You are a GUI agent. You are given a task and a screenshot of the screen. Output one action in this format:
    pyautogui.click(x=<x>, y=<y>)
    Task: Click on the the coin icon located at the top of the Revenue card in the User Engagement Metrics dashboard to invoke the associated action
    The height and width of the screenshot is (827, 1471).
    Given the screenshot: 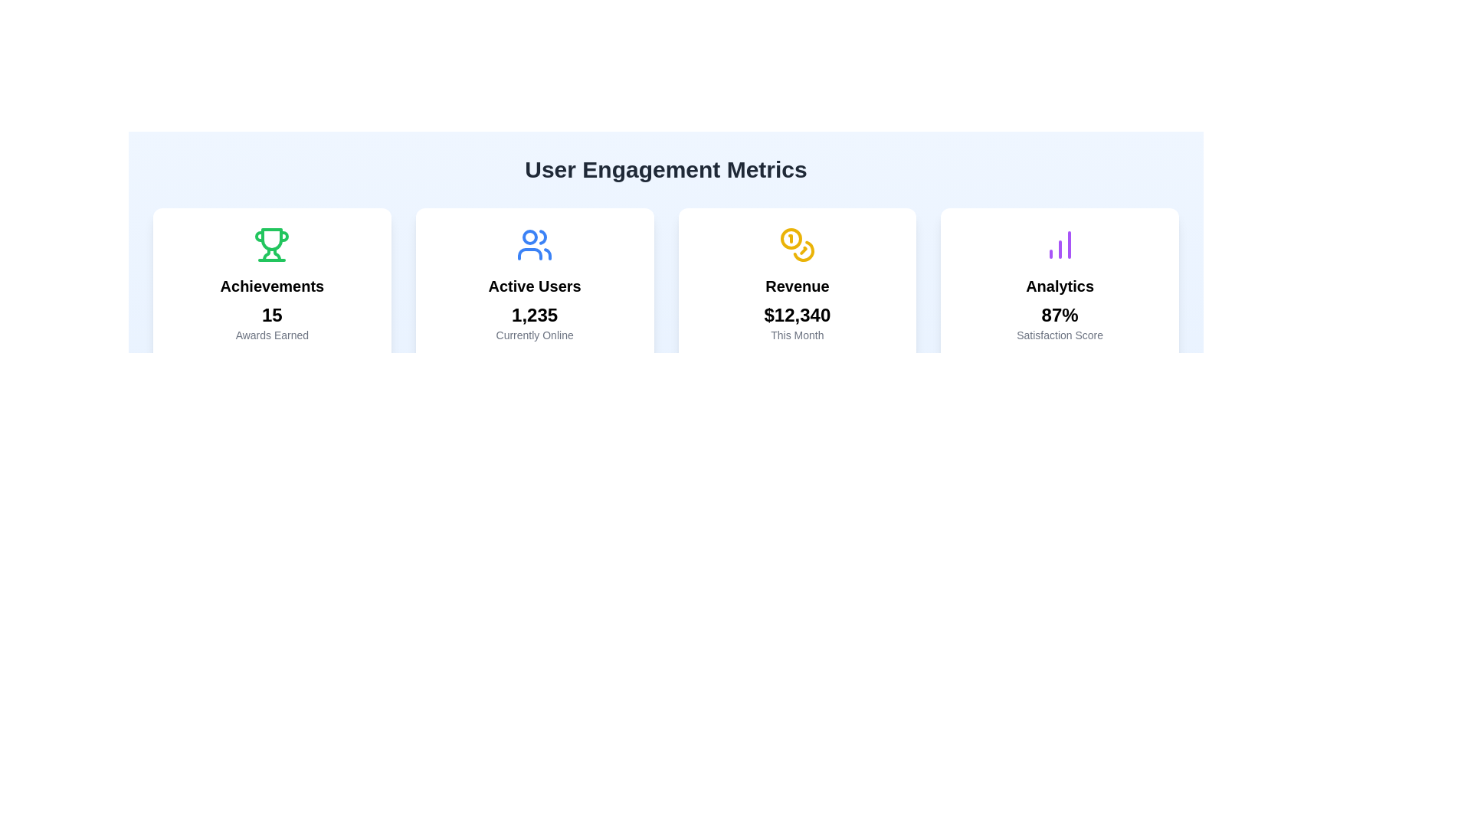 What is the action you would take?
    pyautogui.click(x=797, y=244)
    